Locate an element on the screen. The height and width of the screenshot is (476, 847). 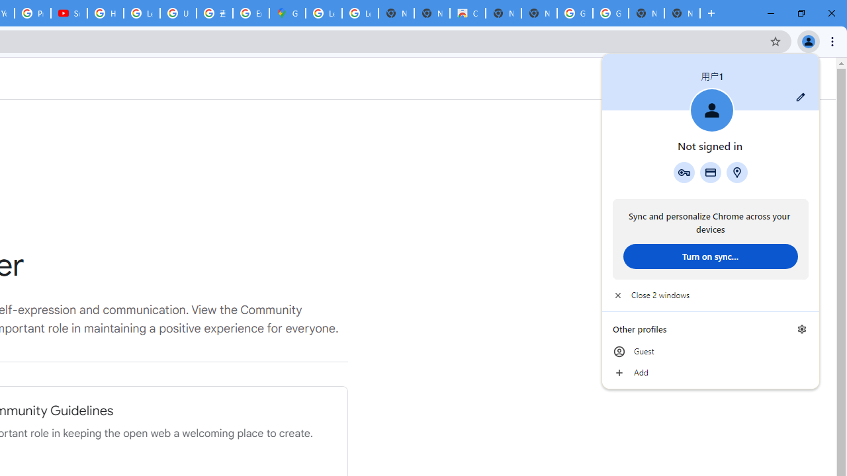
'Manage profiles' is located at coordinates (801, 329).